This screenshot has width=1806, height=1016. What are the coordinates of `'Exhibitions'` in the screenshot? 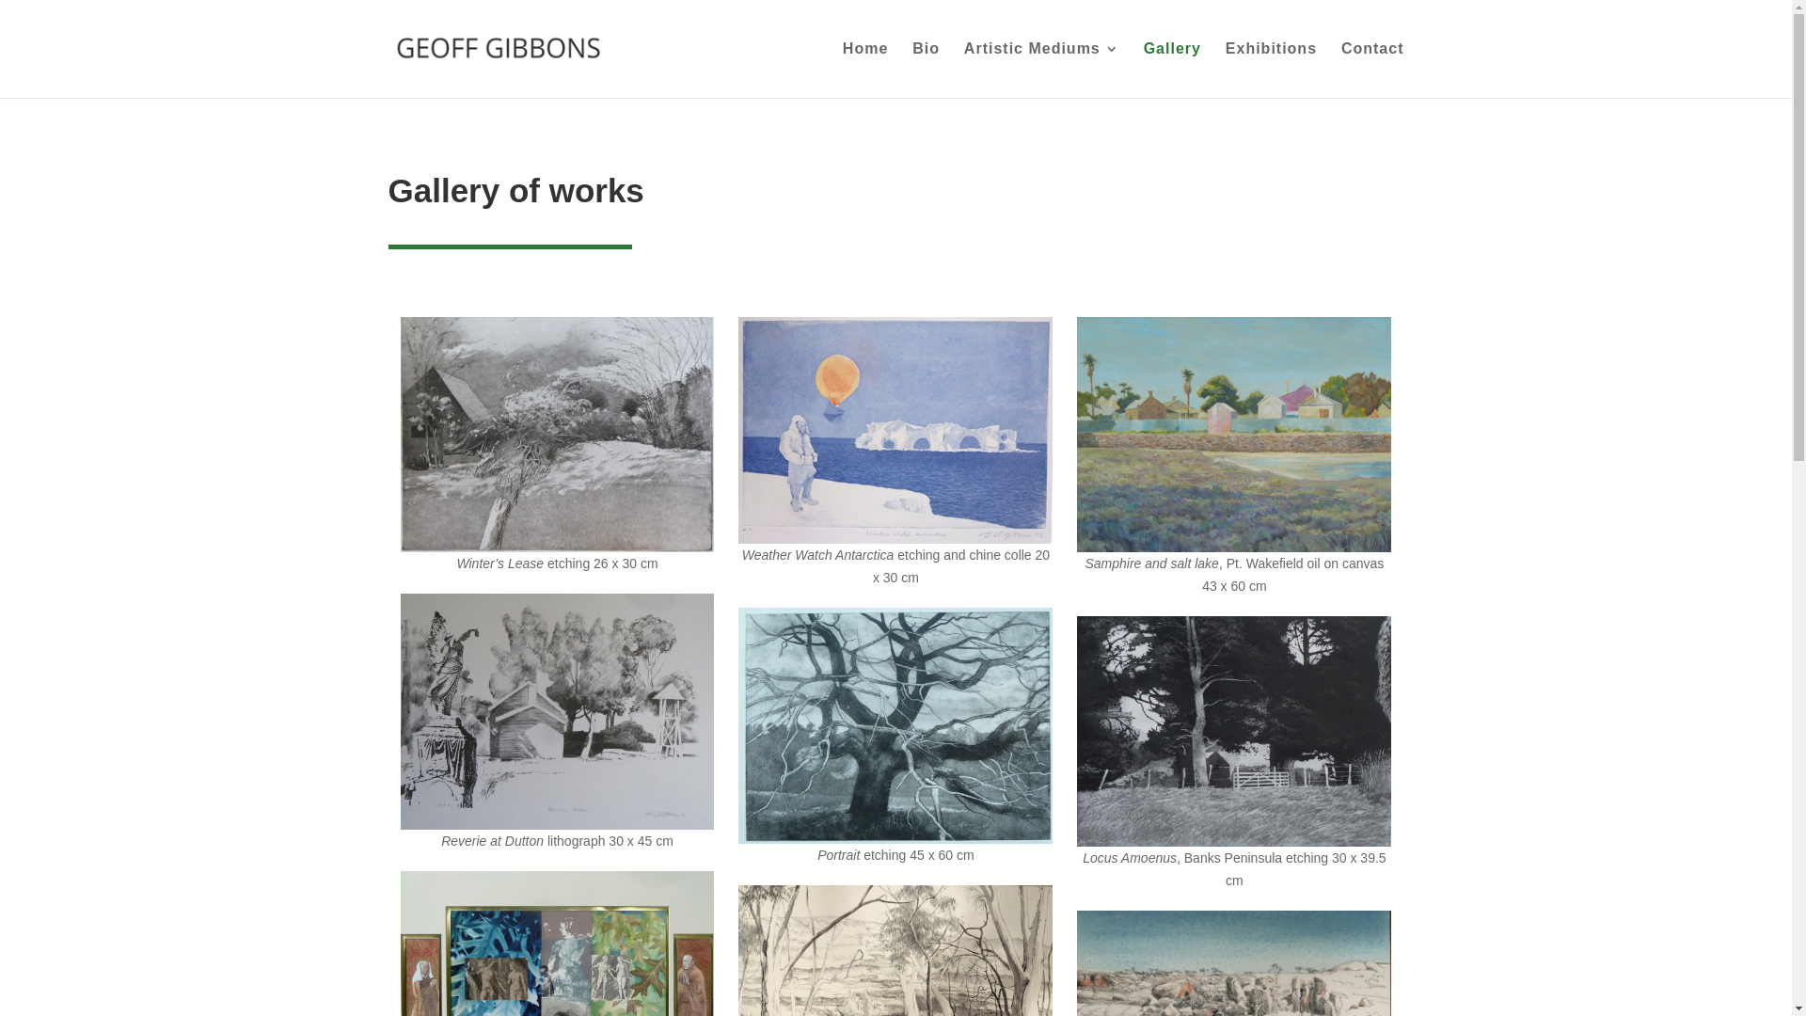 It's located at (1271, 69).